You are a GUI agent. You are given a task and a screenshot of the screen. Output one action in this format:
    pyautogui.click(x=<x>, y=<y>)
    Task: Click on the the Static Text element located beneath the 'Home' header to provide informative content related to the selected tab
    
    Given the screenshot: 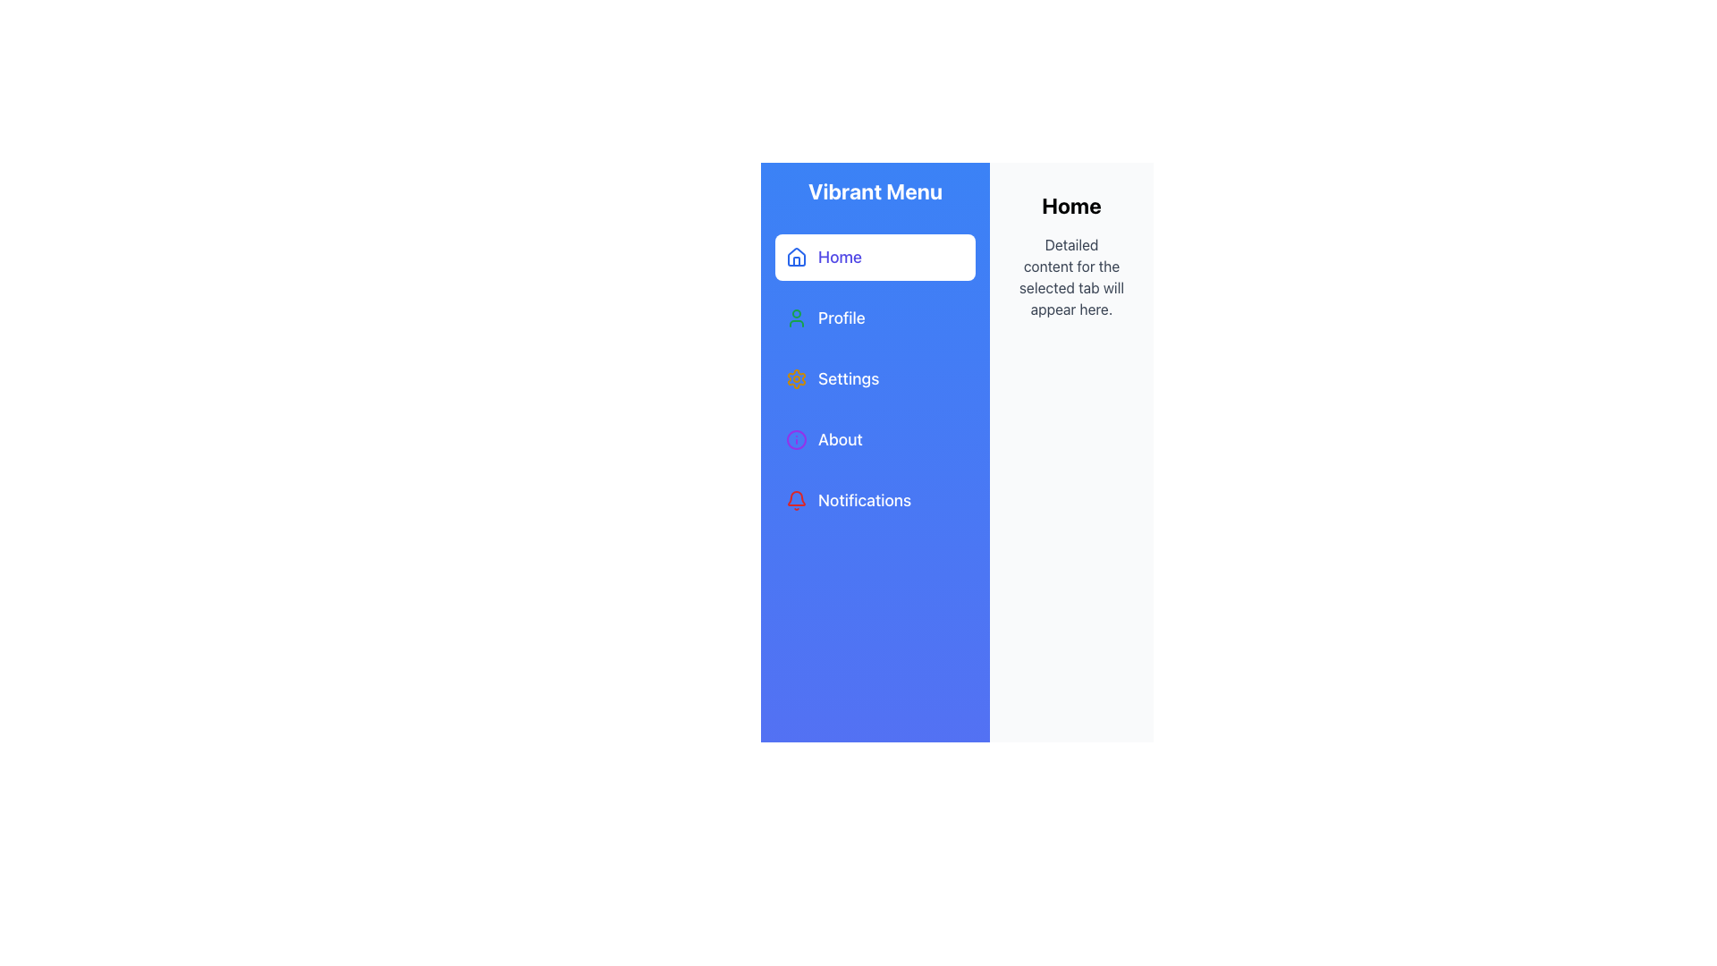 What is the action you would take?
    pyautogui.click(x=1071, y=276)
    